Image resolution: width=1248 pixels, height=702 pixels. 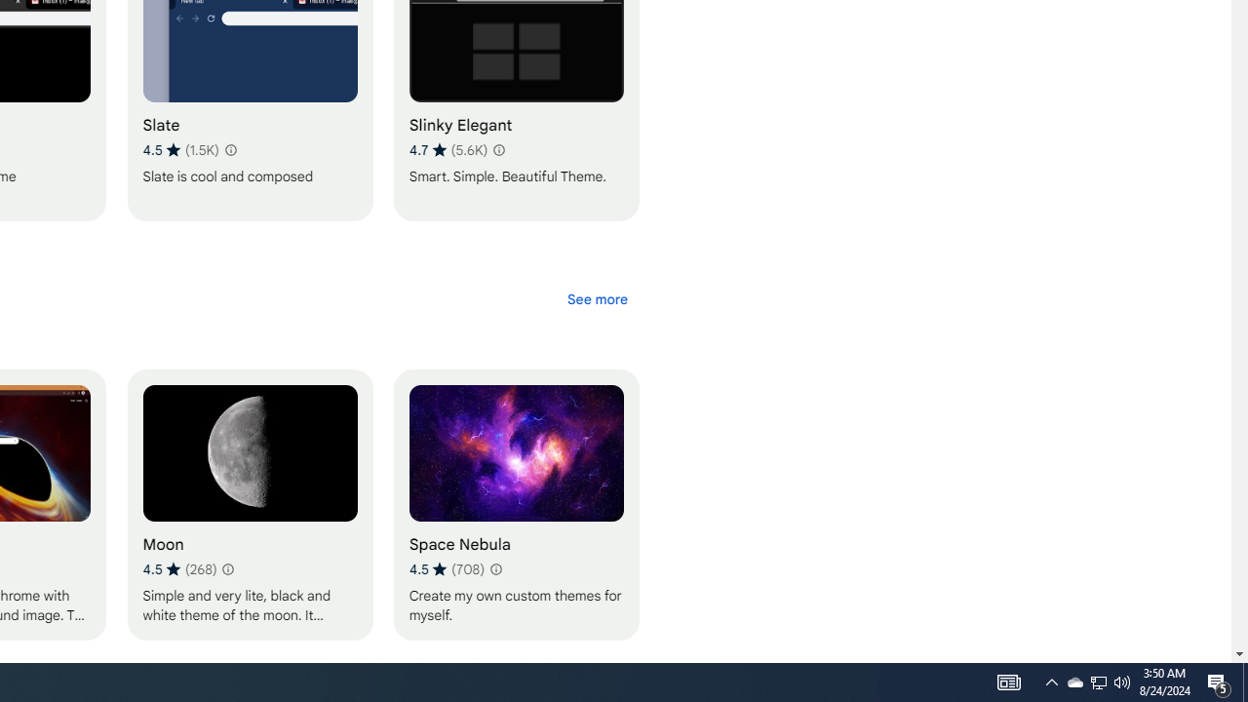 I want to click on 'Learn more about results and reviews "Slinky Elegant"', so click(x=498, y=149).